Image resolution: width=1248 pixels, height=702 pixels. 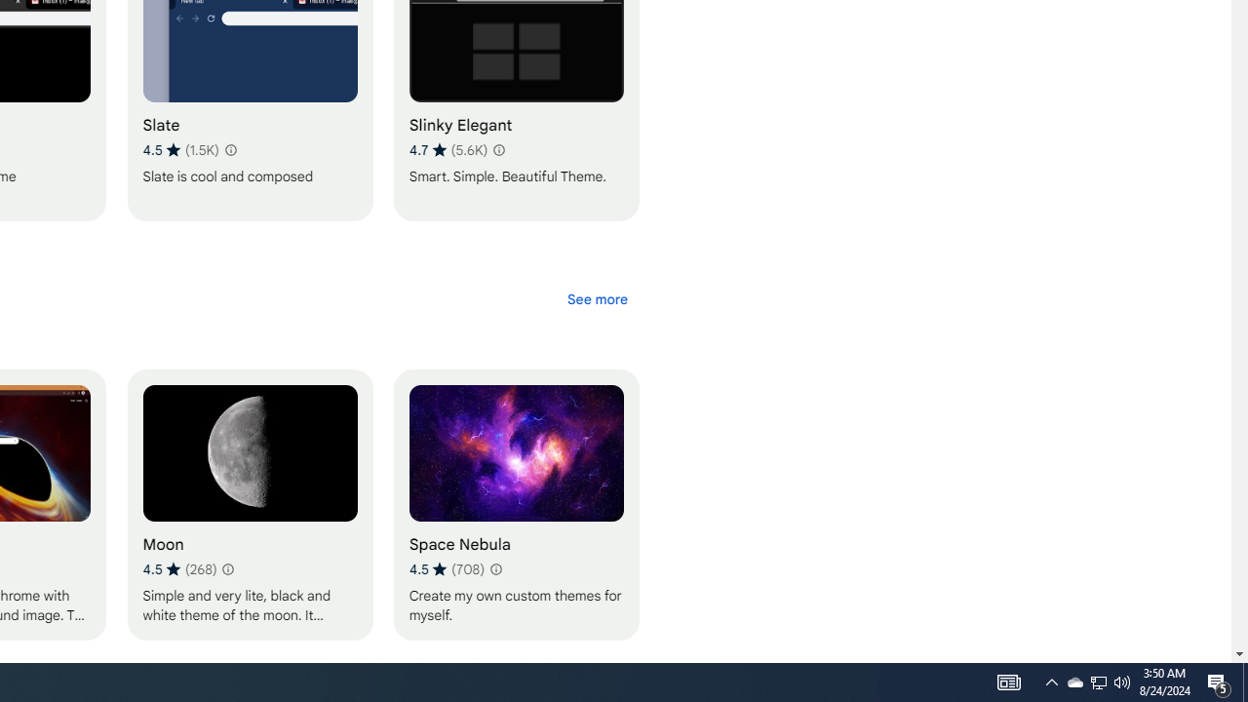 I want to click on 'Learn more about results and reviews "Slinky Elegant"', so click(x=498, y=149).